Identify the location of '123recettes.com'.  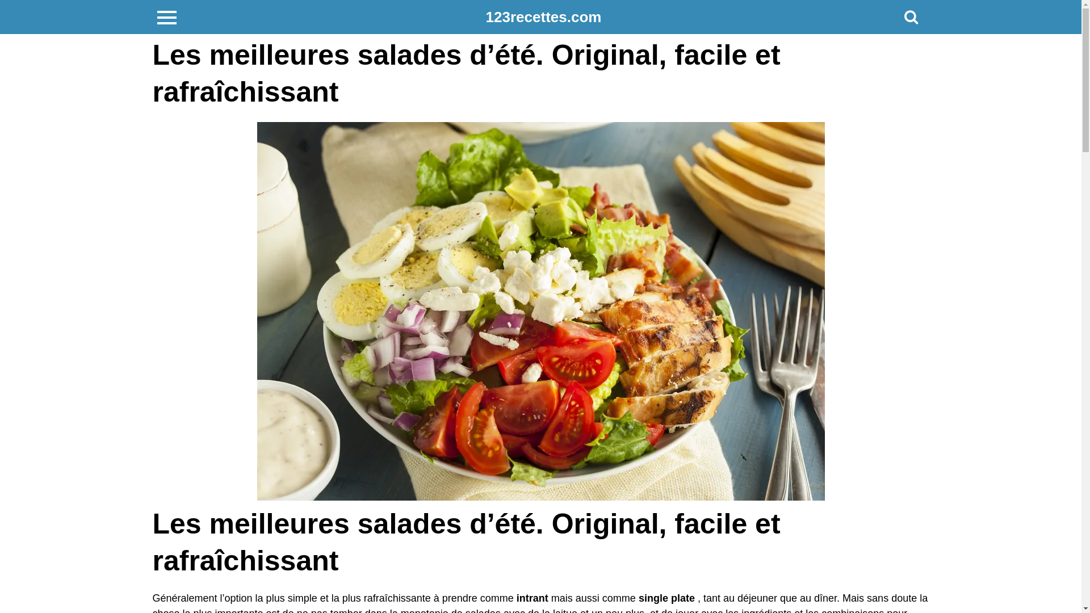
(543, 17).